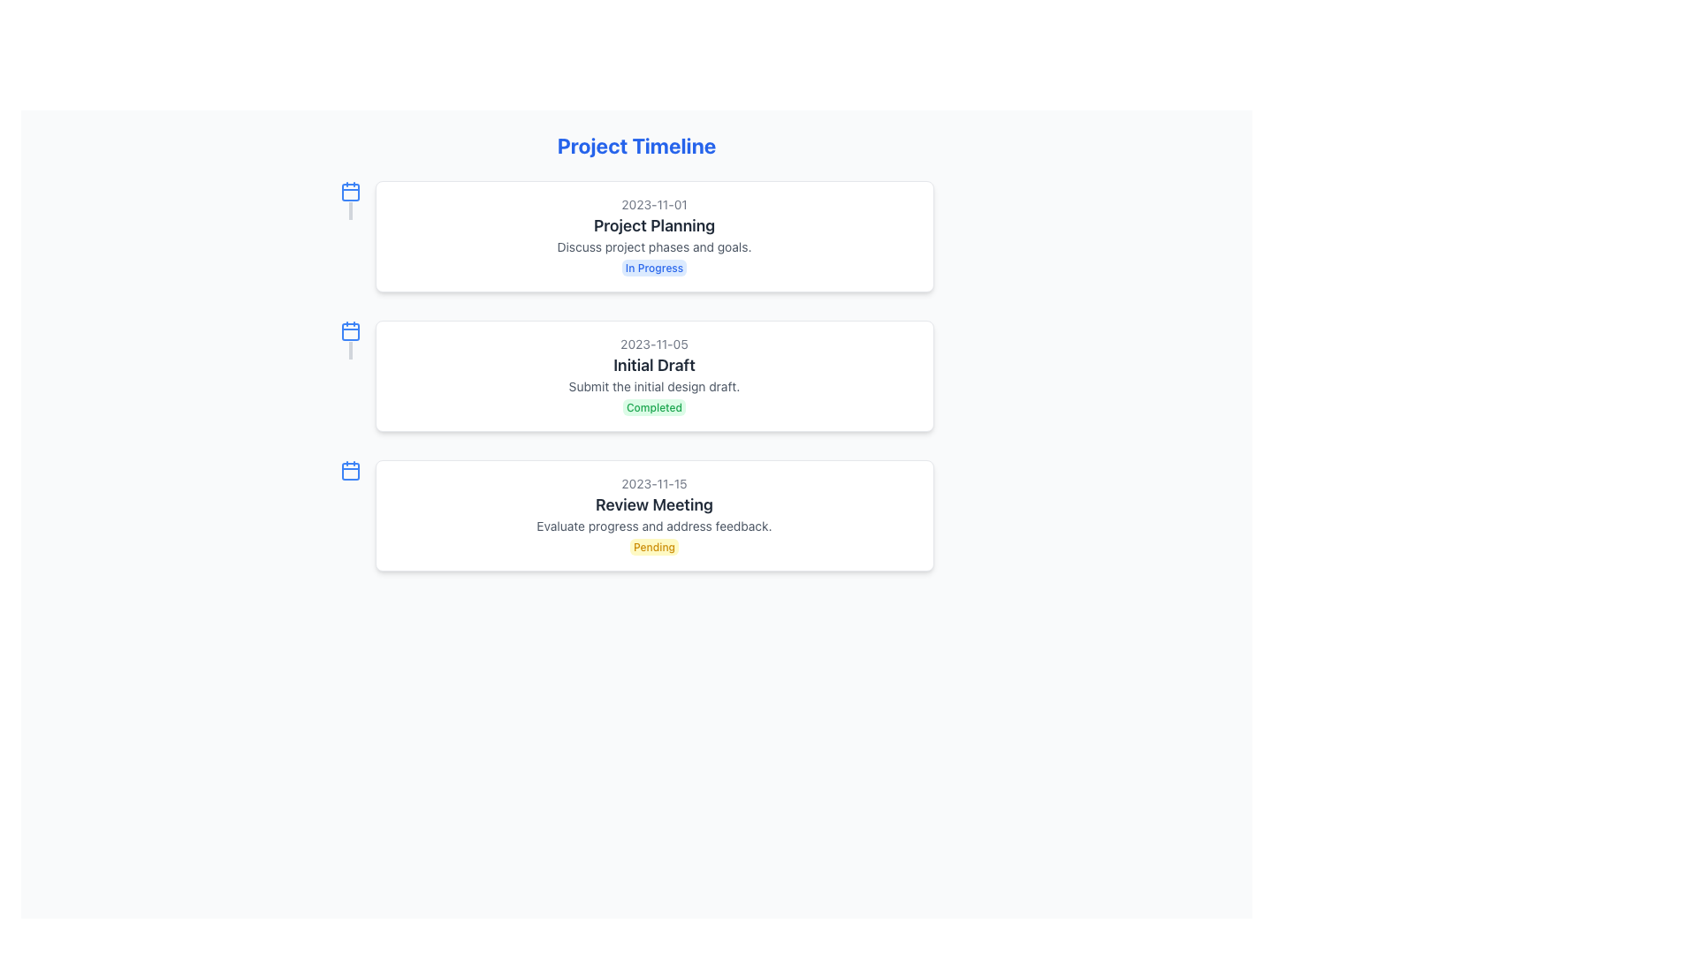  I want to click on the Decorative Icon, which is a vertical bar with a calendar icon at the top, styled in blue, located adjacent to the middle card in a vertical stack of three timeline cards associated with the heading 'Initial Draft', so click(350, 340).